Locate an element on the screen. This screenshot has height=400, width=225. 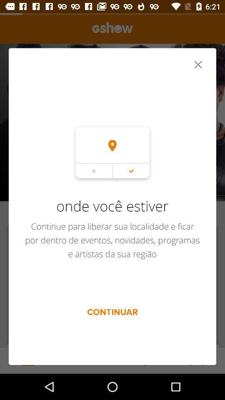
item at the bottom is located at coordinates (112, 312).